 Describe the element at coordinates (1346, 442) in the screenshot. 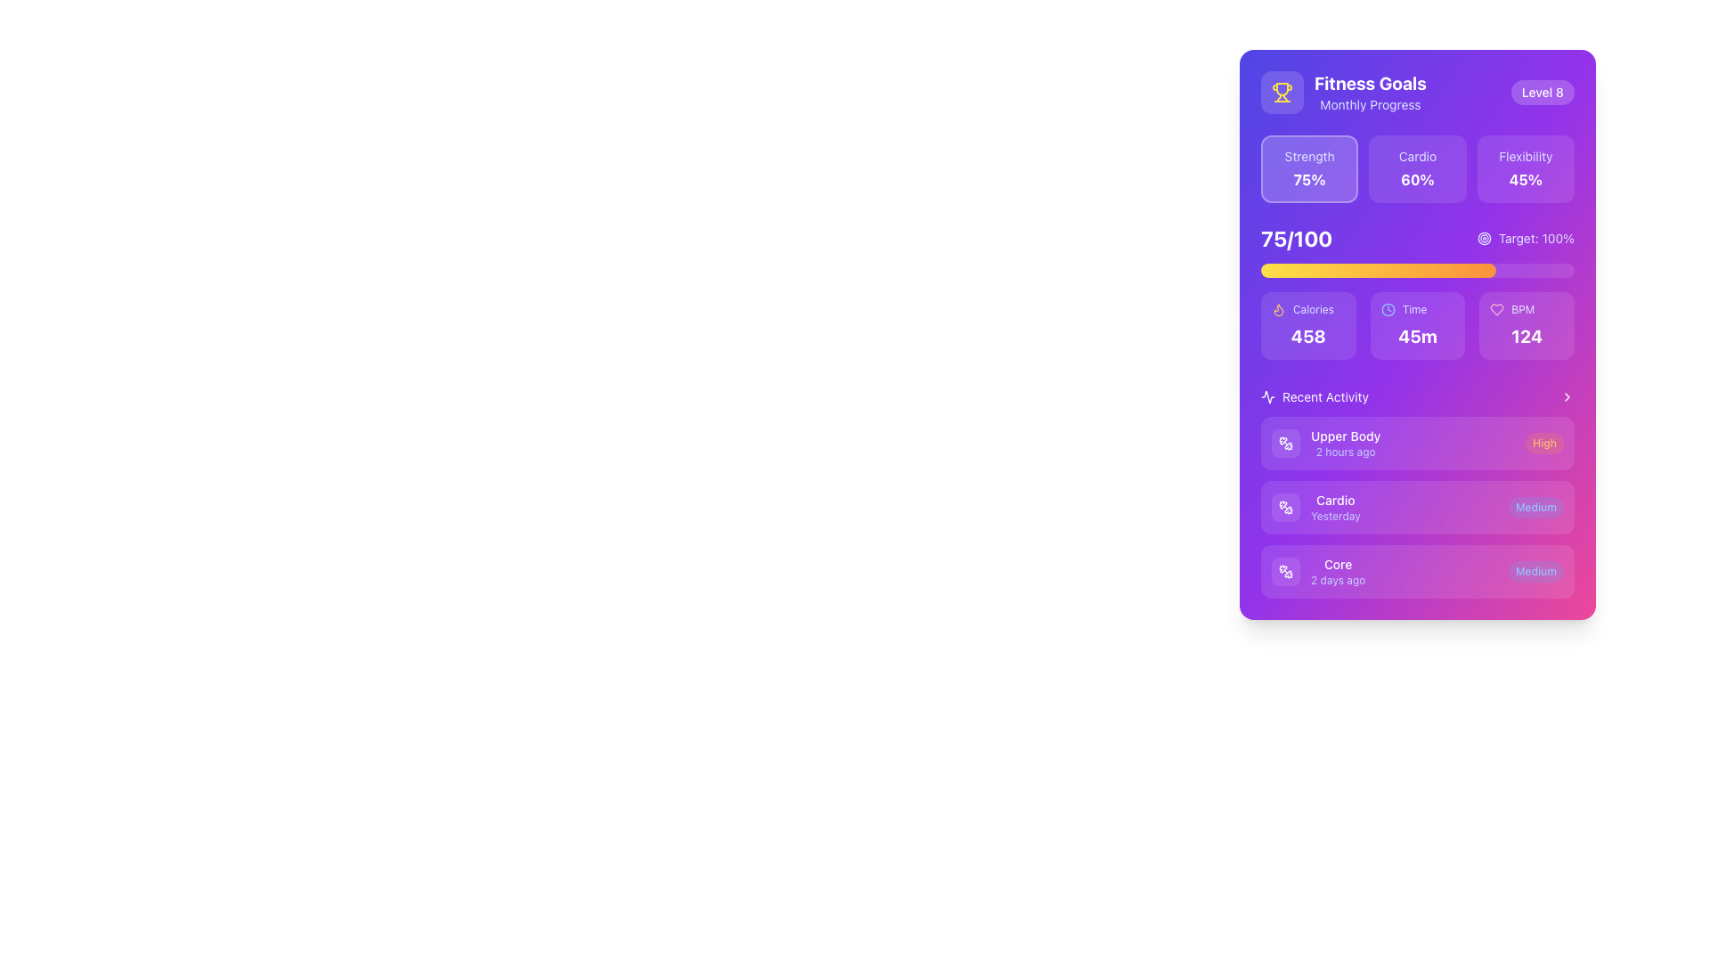

I see `the text label displaying 'Upper Body' activity and its timestamp '2 hours ago', which is the first item in the 'Recent Activity' section of the application` at that location.